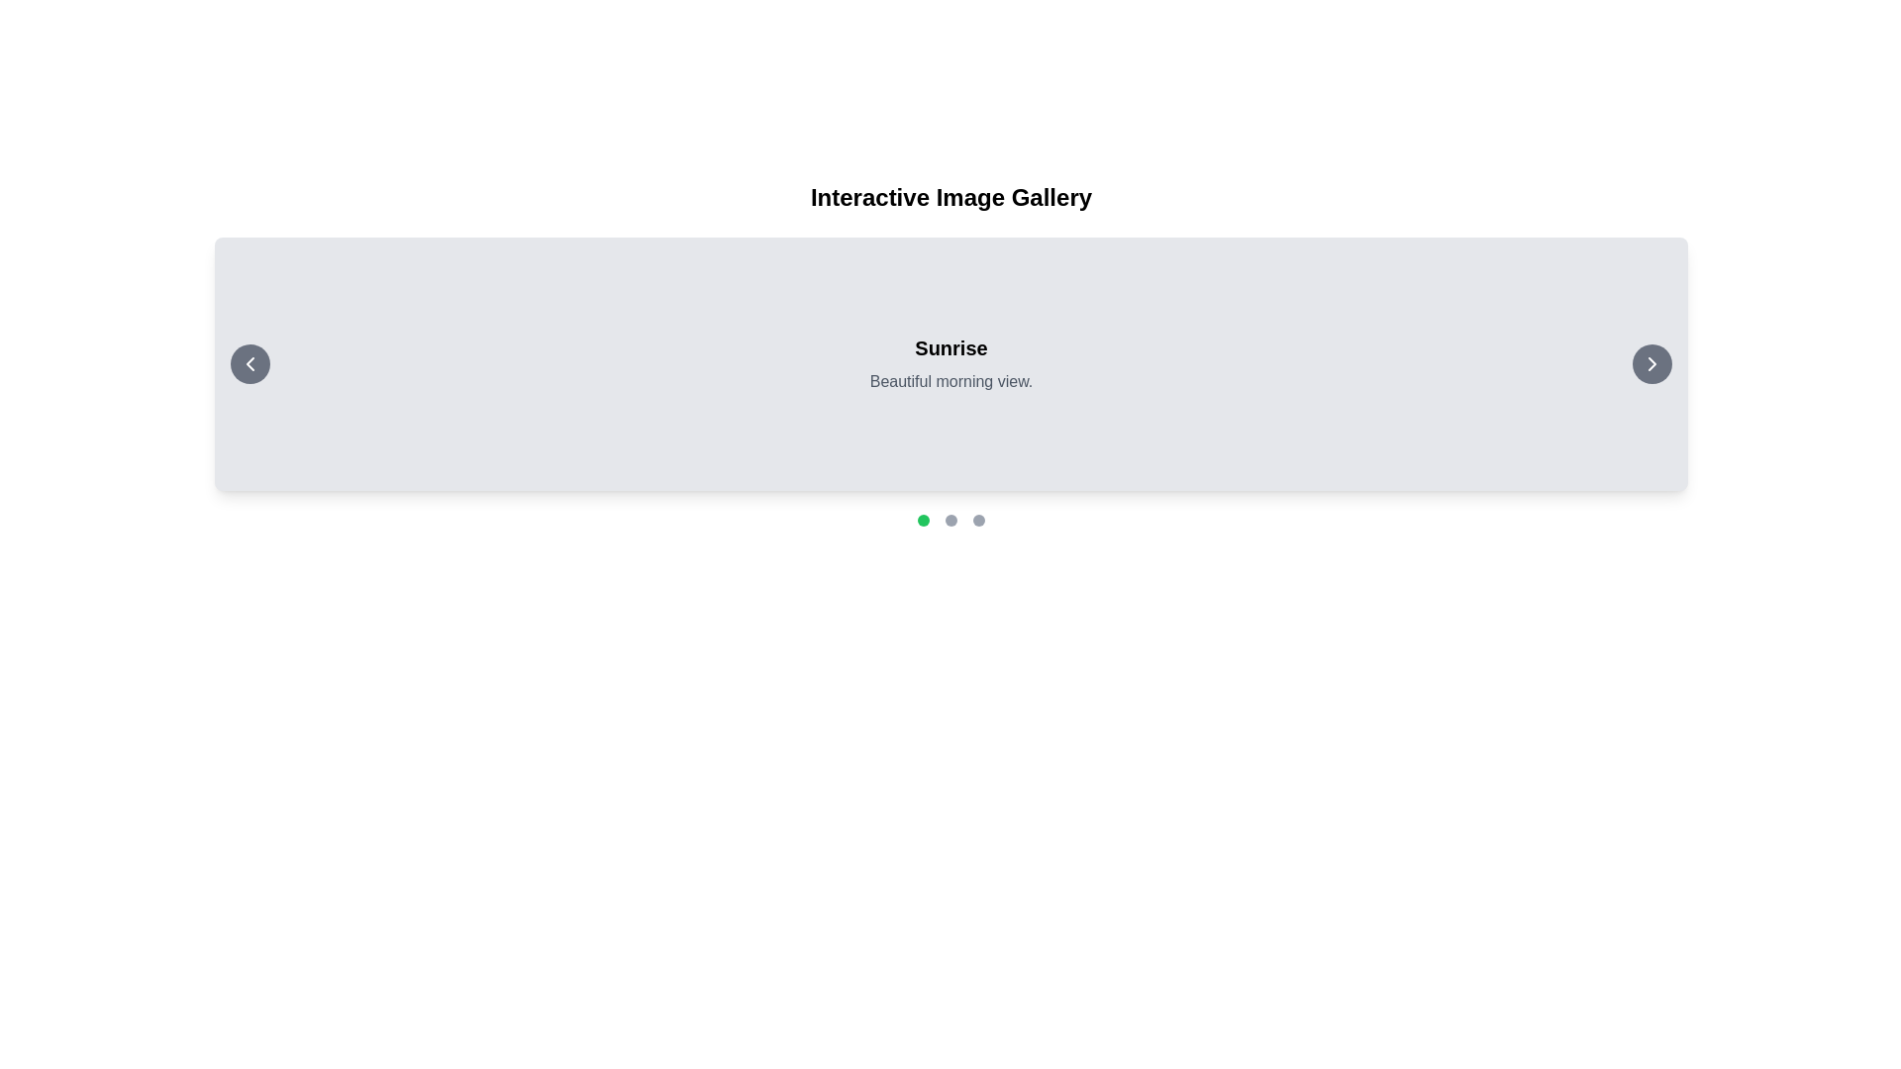 Image resolution: width=1901 pixels, height=1069 pixels. Describe the element at coordinates (1652, 363) in the screenshot. I see `the button containing a rightward chevron icon` at that location.